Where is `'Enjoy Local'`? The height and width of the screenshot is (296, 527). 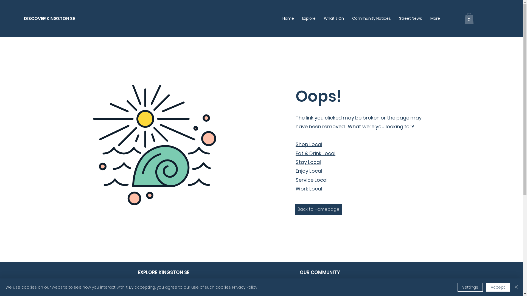 'Enjoy Local' is located at coordinates (309, 170).